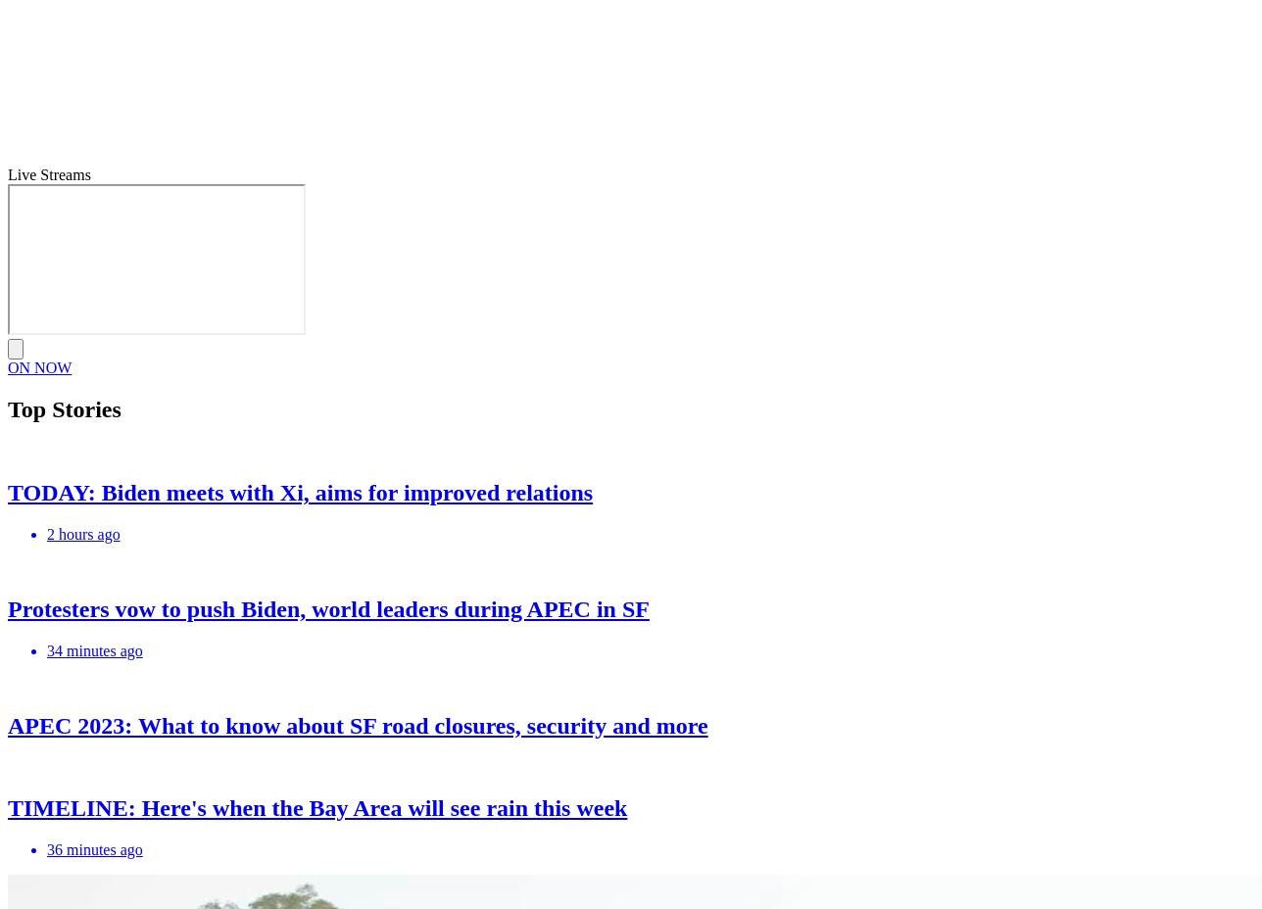 The height and width of the screenshot is (909, 1262). I want to click on 'ON NOW', so click(39, 367).